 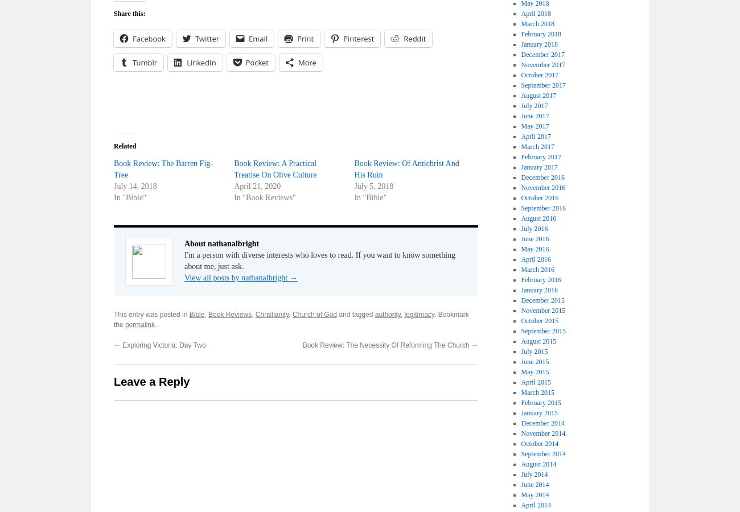 I want to click on 'October 2014', so click(x=520, y=443).